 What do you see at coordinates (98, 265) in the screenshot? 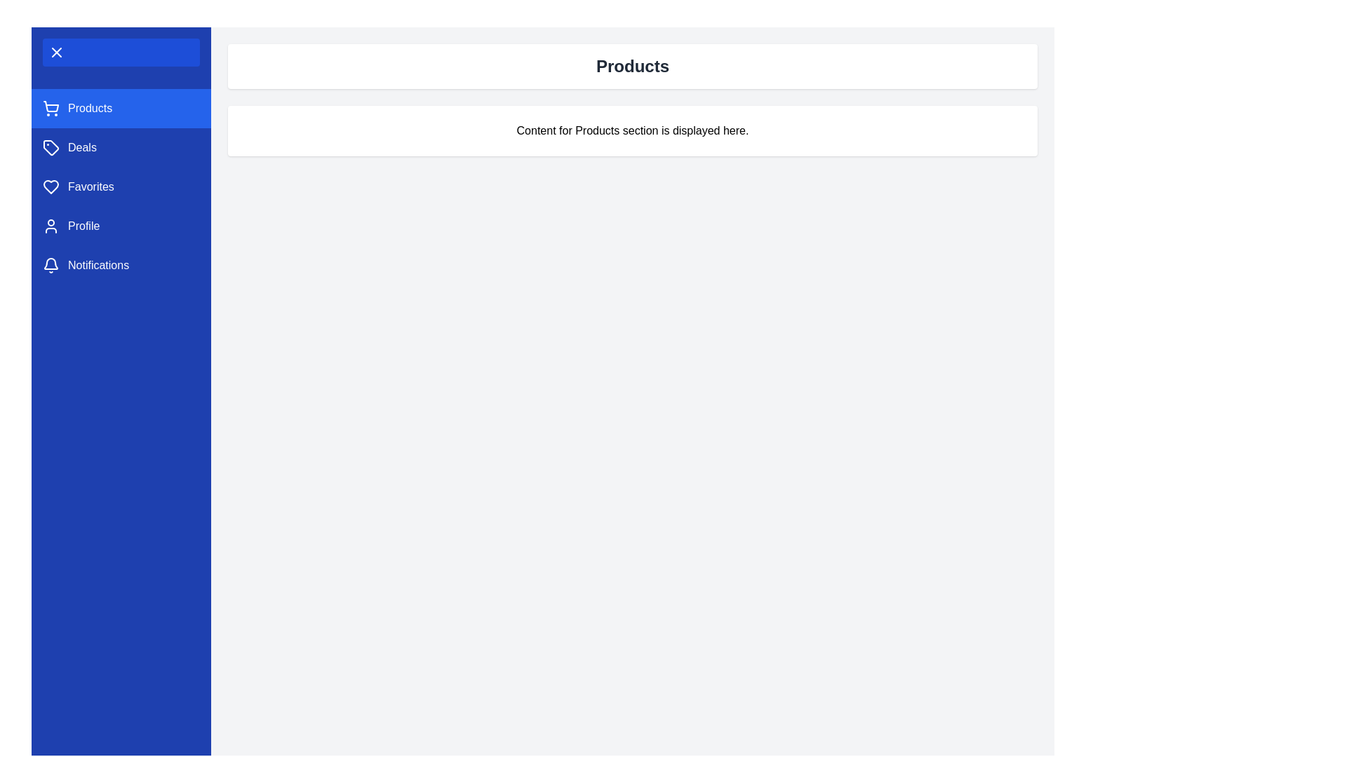
I see `the 'Notifications' label, which is the fourth option in the vertical navigation menu on the left` at bounding box center [98, 265].